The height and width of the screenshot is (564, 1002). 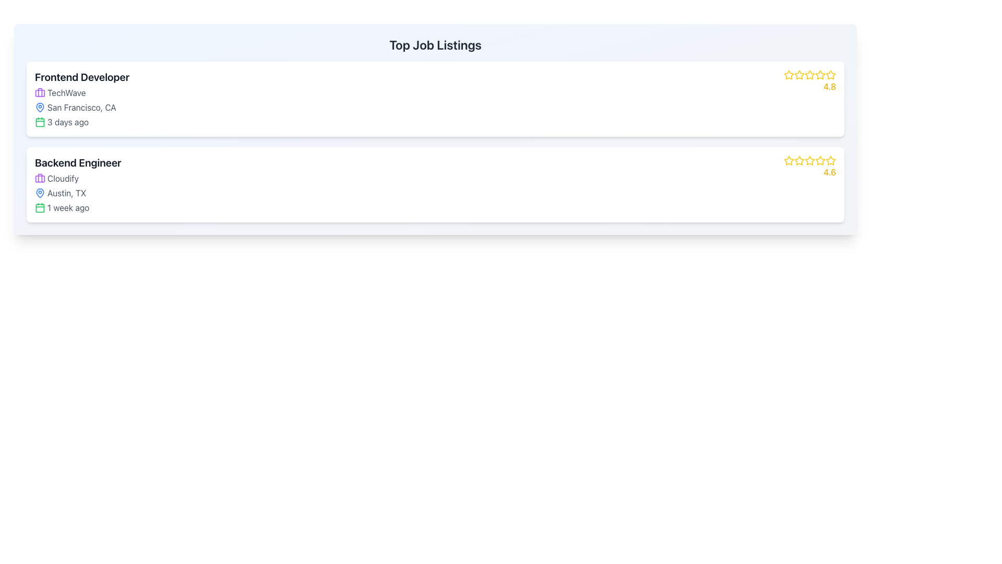 What do you see at coordinates (77, 207) in the screenshot?
I see `textual descriptor '1 week ago' which is styled in gray and is accompanied by a green calendar icon, located below the job listing for 'Backend Engineer'` at bounding box center [77, 207].